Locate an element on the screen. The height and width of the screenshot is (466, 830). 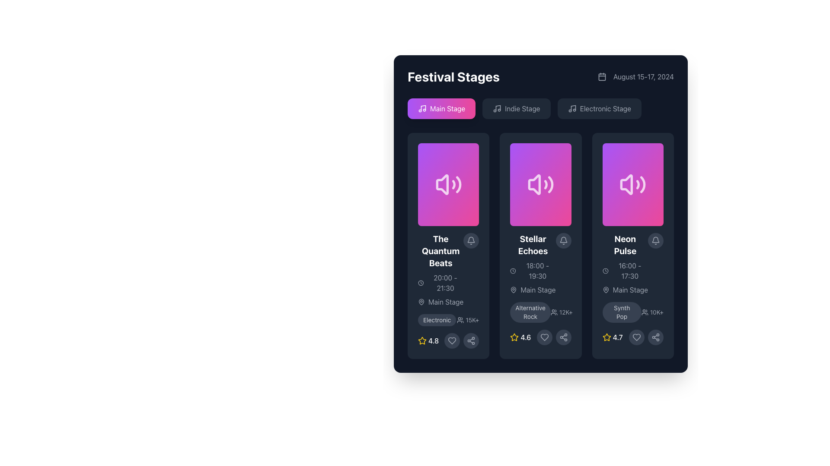
the text block that provides information about the event 'Stellar Echoes' located in the second card from the left, centered within the card is located at coordinates (533, 264).